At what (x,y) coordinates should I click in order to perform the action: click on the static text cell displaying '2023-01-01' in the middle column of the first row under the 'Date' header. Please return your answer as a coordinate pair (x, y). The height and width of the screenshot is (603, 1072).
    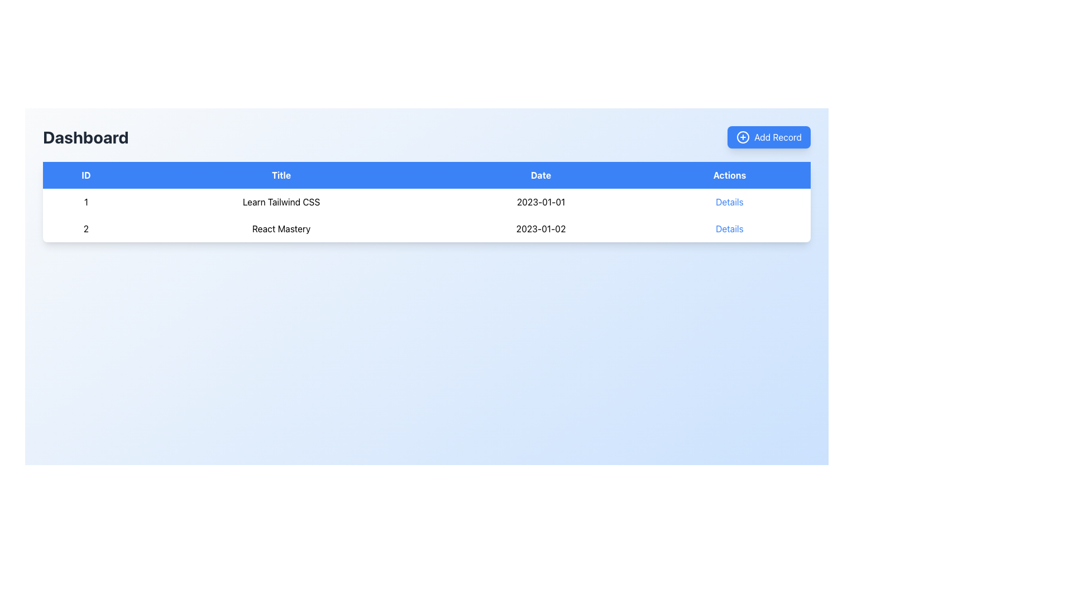
    Looking at the image, I should click on (541, 202).